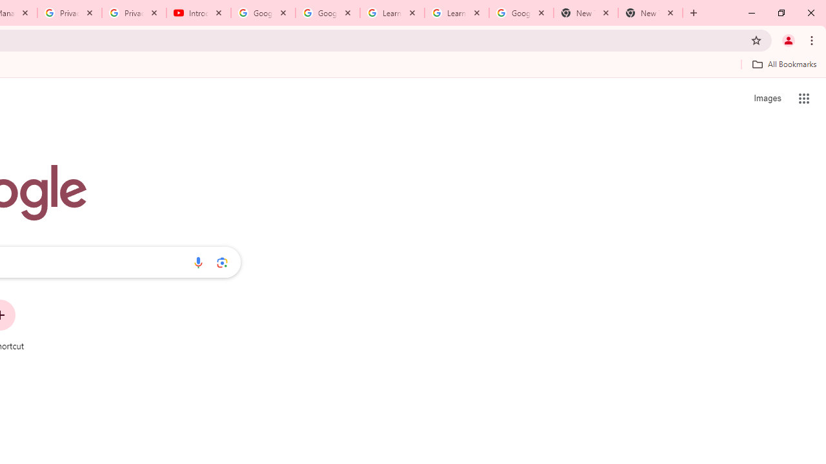 The width and height of the screenshot is (826, 464). What do you see at coordinates (767, 98) in the screenshot?
I see `'Search for Images '` at bounding box center [767, 98].